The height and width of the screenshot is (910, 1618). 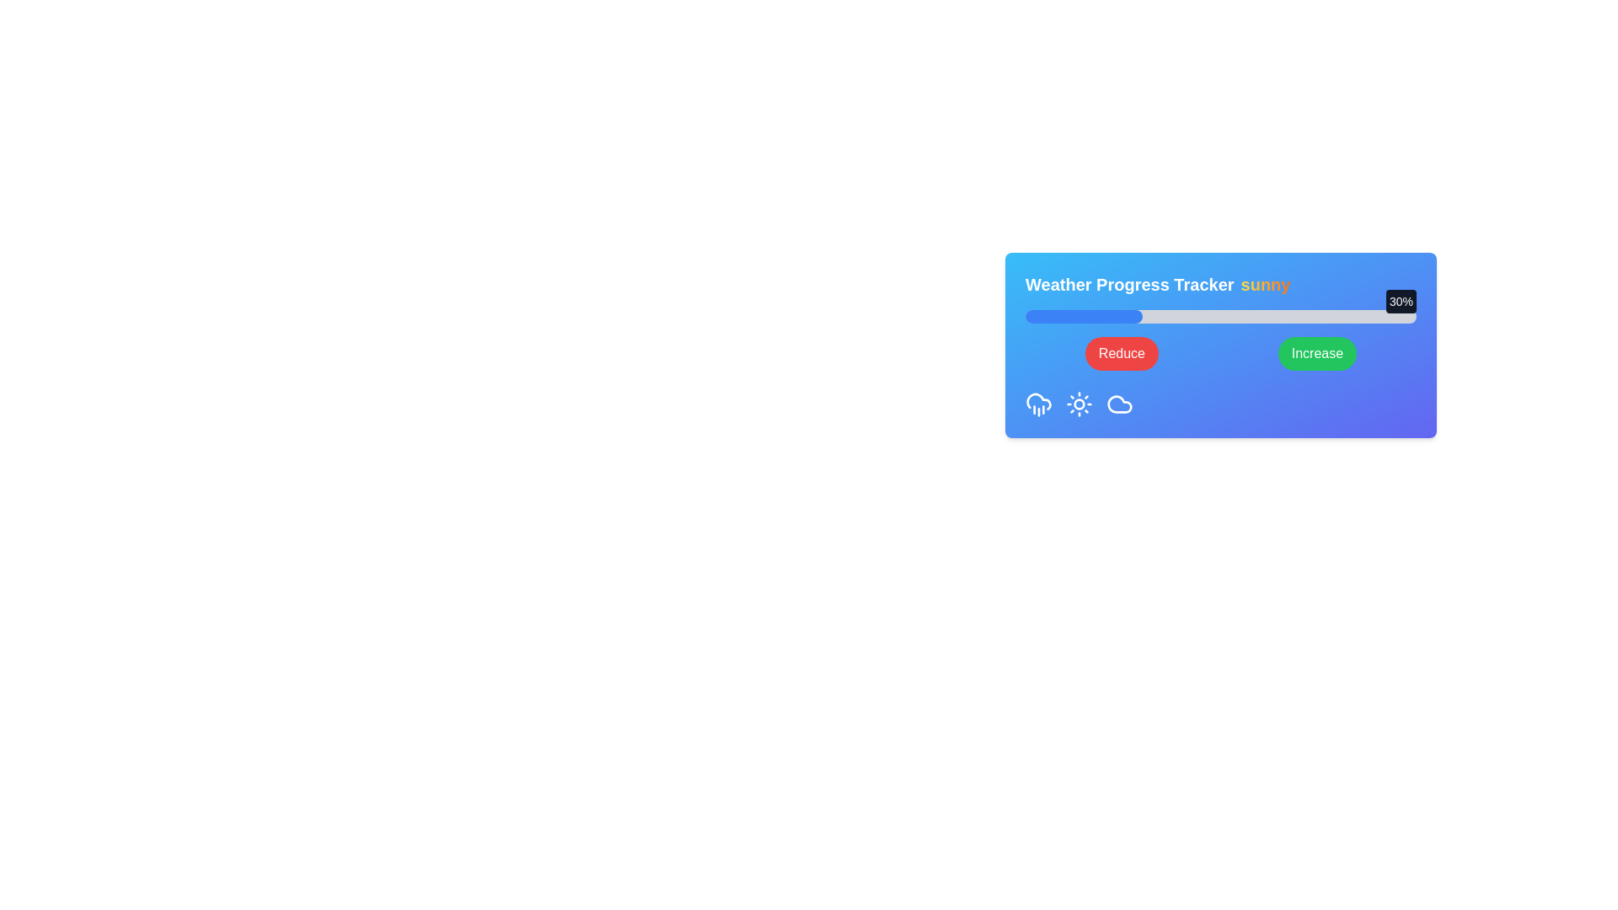 What do you see at coordinates (1221, 316) in the screenshot?
I see `the Progress bar that visually represents progress, positioned below the title 'Weather Progress Tracker sunny' and above the 'Reduce' and 'Increase' buttons` at bounding box center [1221, 316].